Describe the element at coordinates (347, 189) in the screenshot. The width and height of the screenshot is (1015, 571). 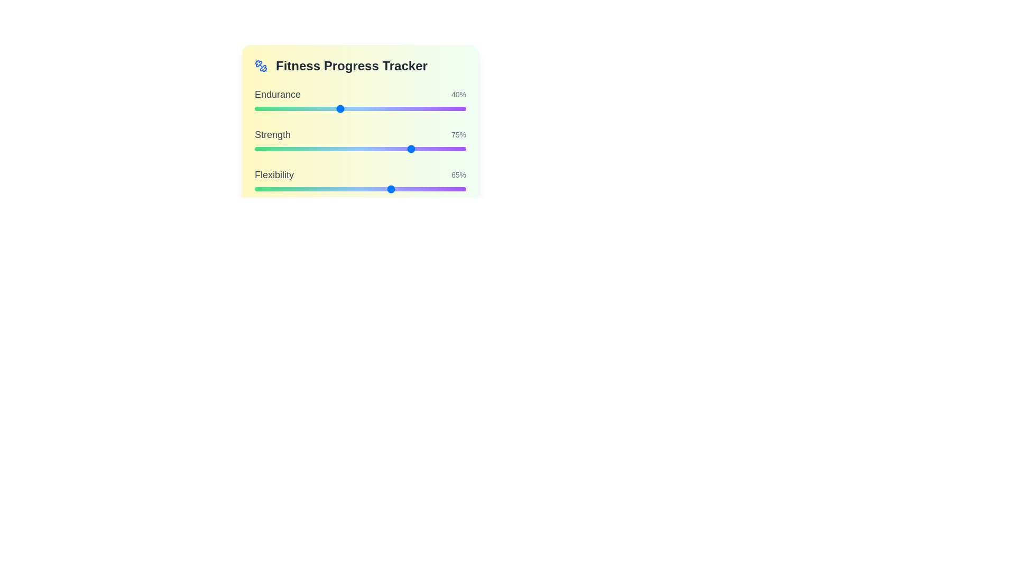
I see `flexibility percentage` at that location.